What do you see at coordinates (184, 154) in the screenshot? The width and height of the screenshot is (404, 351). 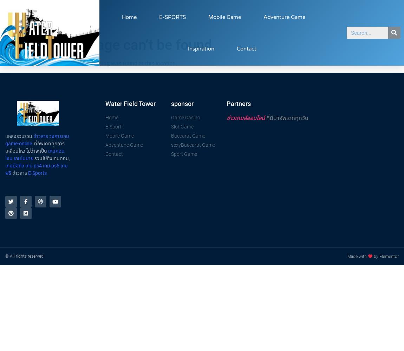 I see `'Sport Game'` at bounding box center [184, 154].